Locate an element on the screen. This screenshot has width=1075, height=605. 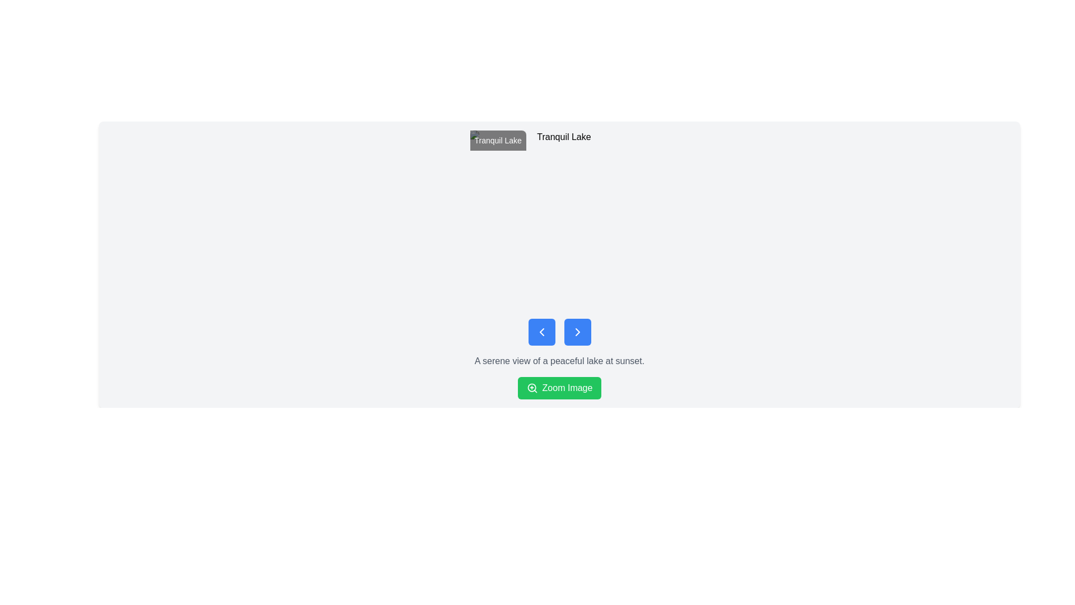
the blue rectangular button with a white left-pointing arrow is located at coordinates (541, 332).